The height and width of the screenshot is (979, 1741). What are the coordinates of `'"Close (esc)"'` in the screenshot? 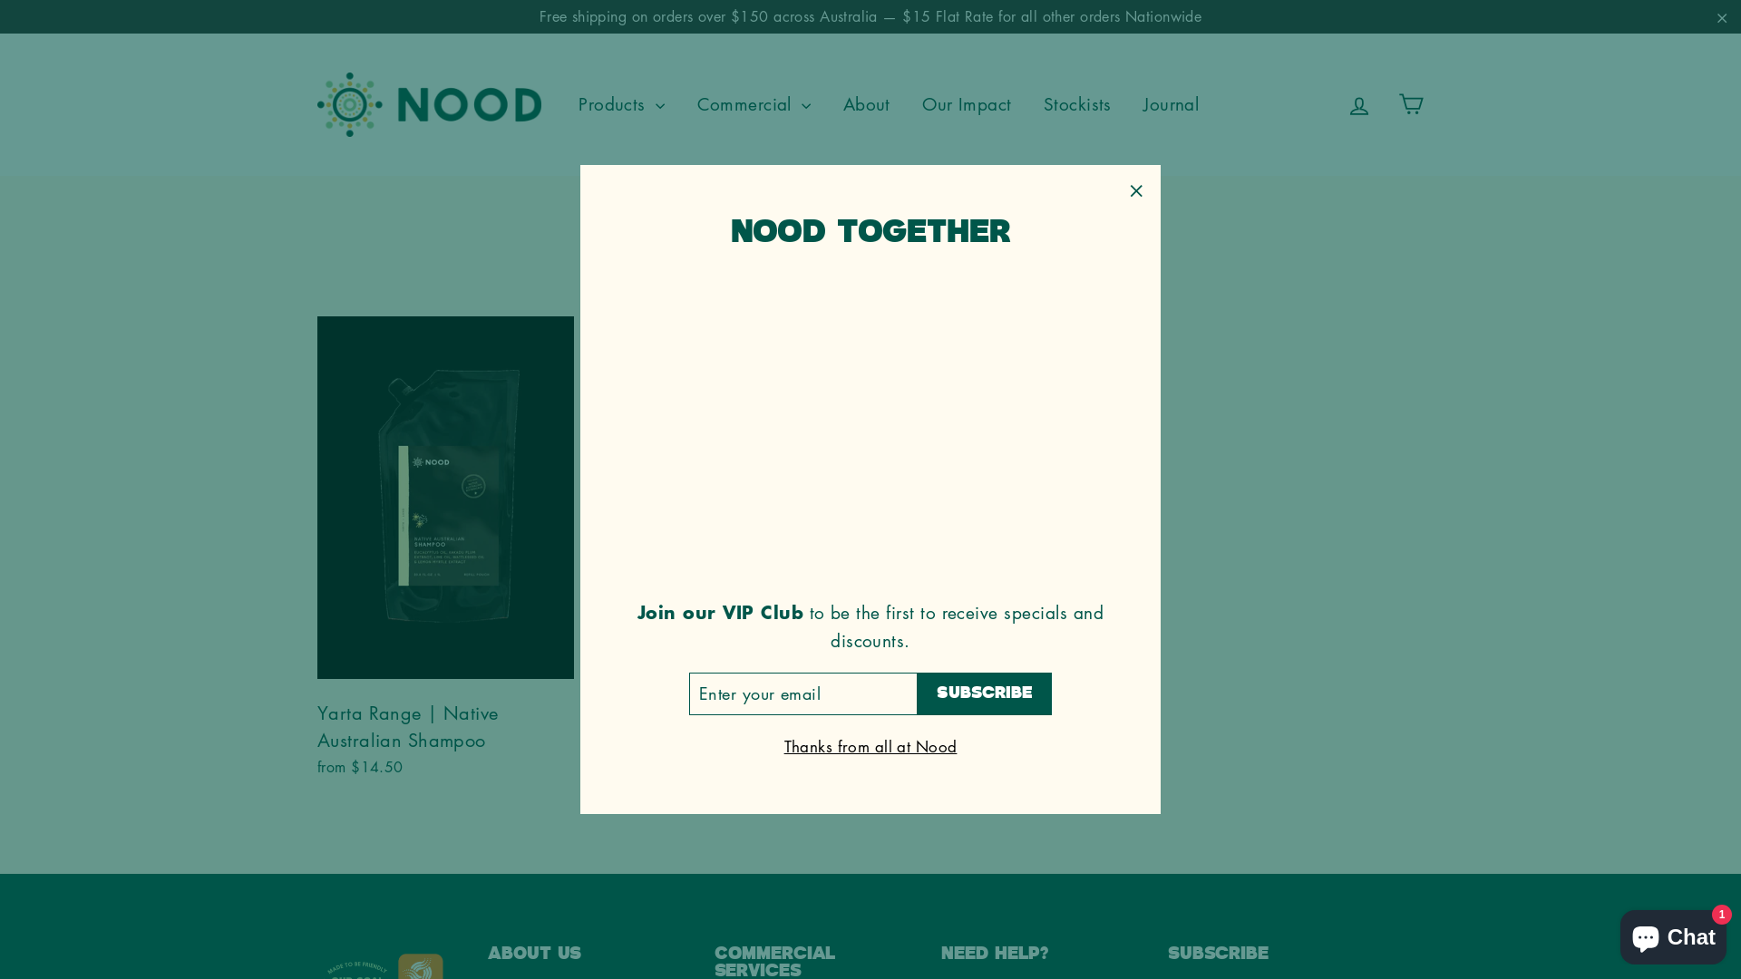 It's located at (1134, 189).